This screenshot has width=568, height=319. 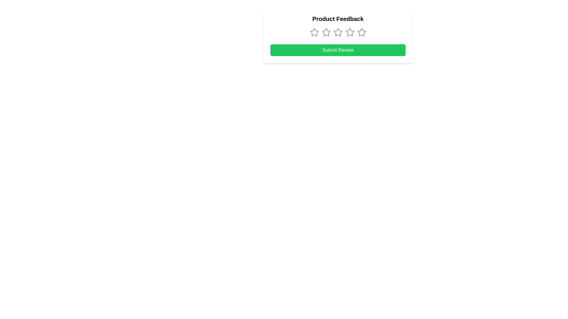 I want to click on the fifth star in the horizontal sequence of five identical rating stars, so click(x=361, y=32).